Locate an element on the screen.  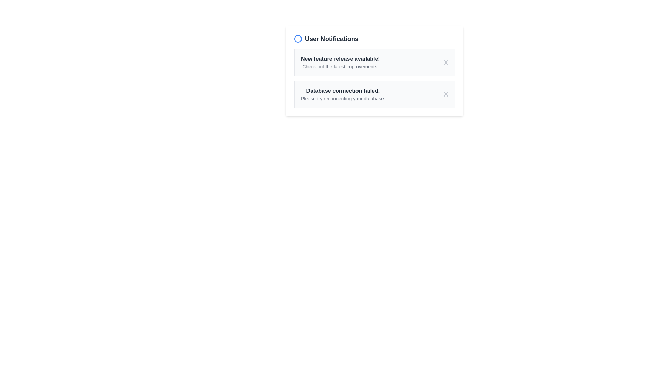
the close button icon in the notification panel that indicates a cancellation for the 'Database connection failed' message is located at coordinates (446, 94).